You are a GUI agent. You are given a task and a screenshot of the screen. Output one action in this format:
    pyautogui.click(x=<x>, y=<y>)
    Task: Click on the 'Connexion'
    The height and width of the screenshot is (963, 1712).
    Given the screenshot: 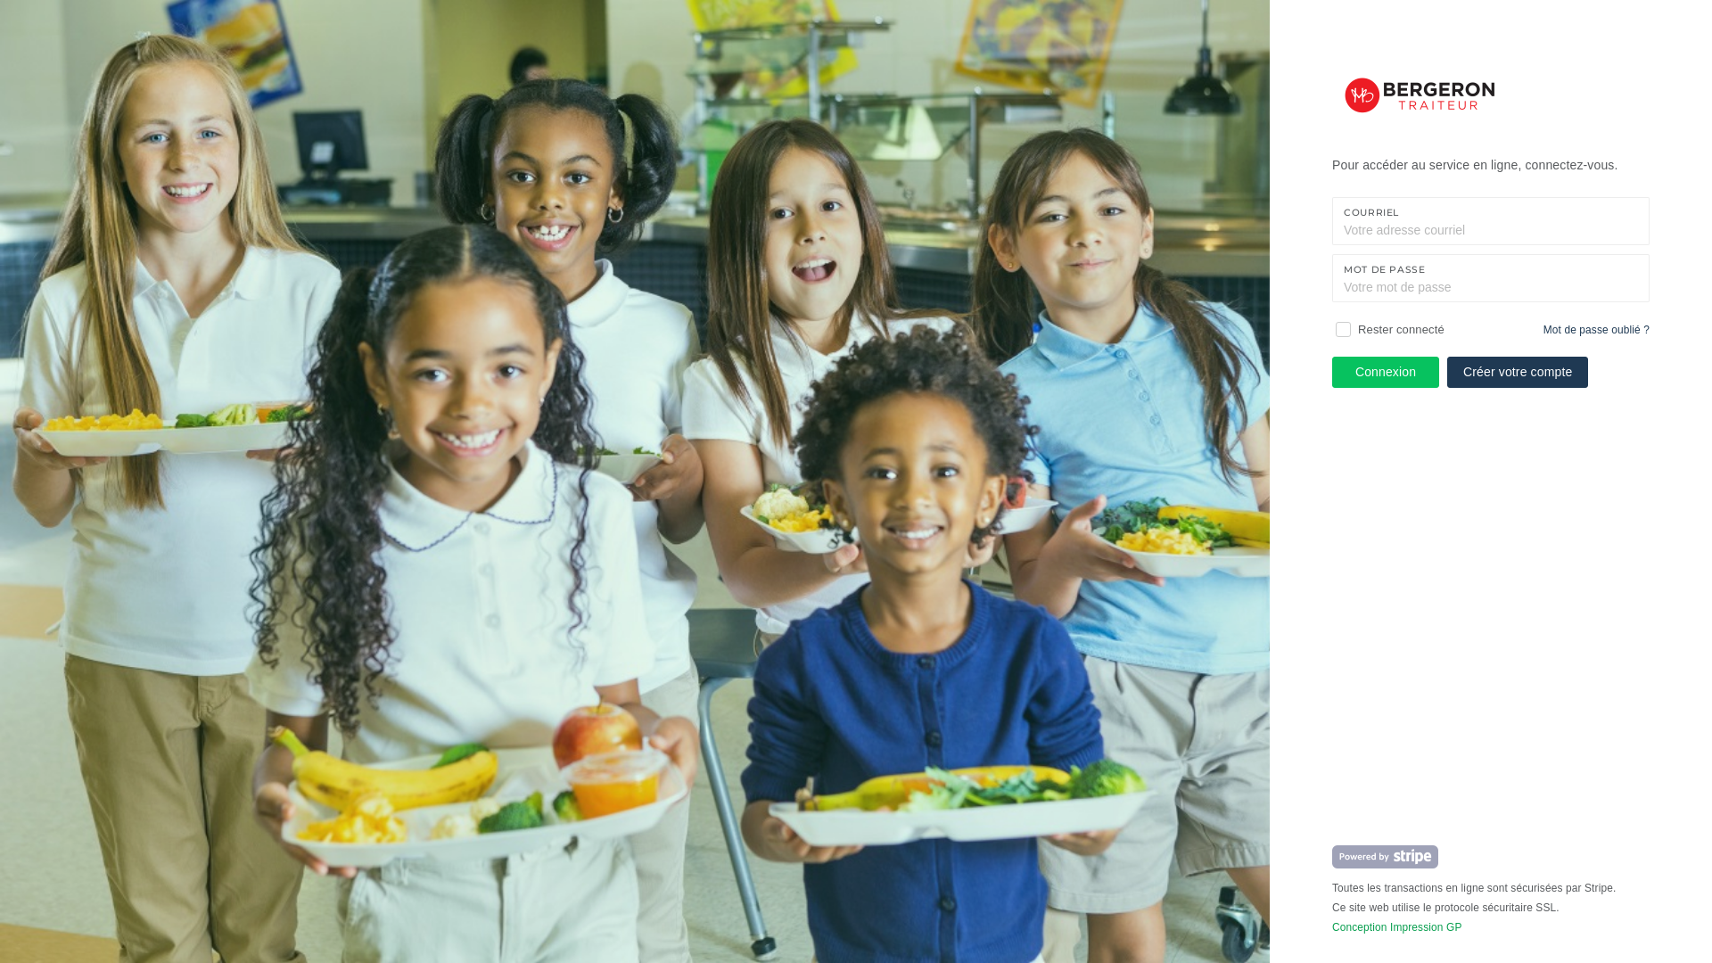 What is the action you would take?
    pyautogui.click(x=1385, y=371)
    